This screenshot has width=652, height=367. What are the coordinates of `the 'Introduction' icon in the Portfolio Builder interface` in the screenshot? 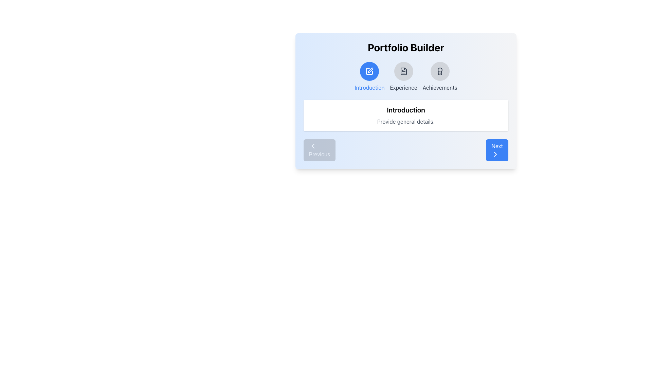 It's located at (369, 71).